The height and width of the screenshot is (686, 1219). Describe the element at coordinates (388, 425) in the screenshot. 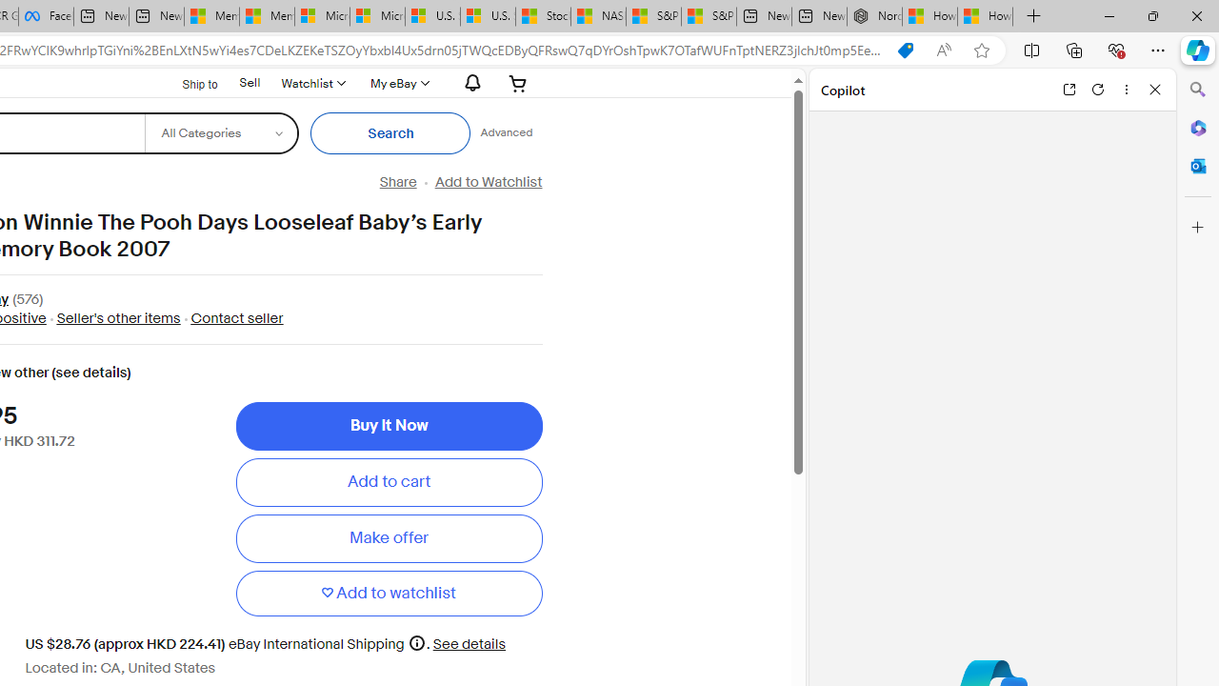

I see `'Buy It Now'` at that location.